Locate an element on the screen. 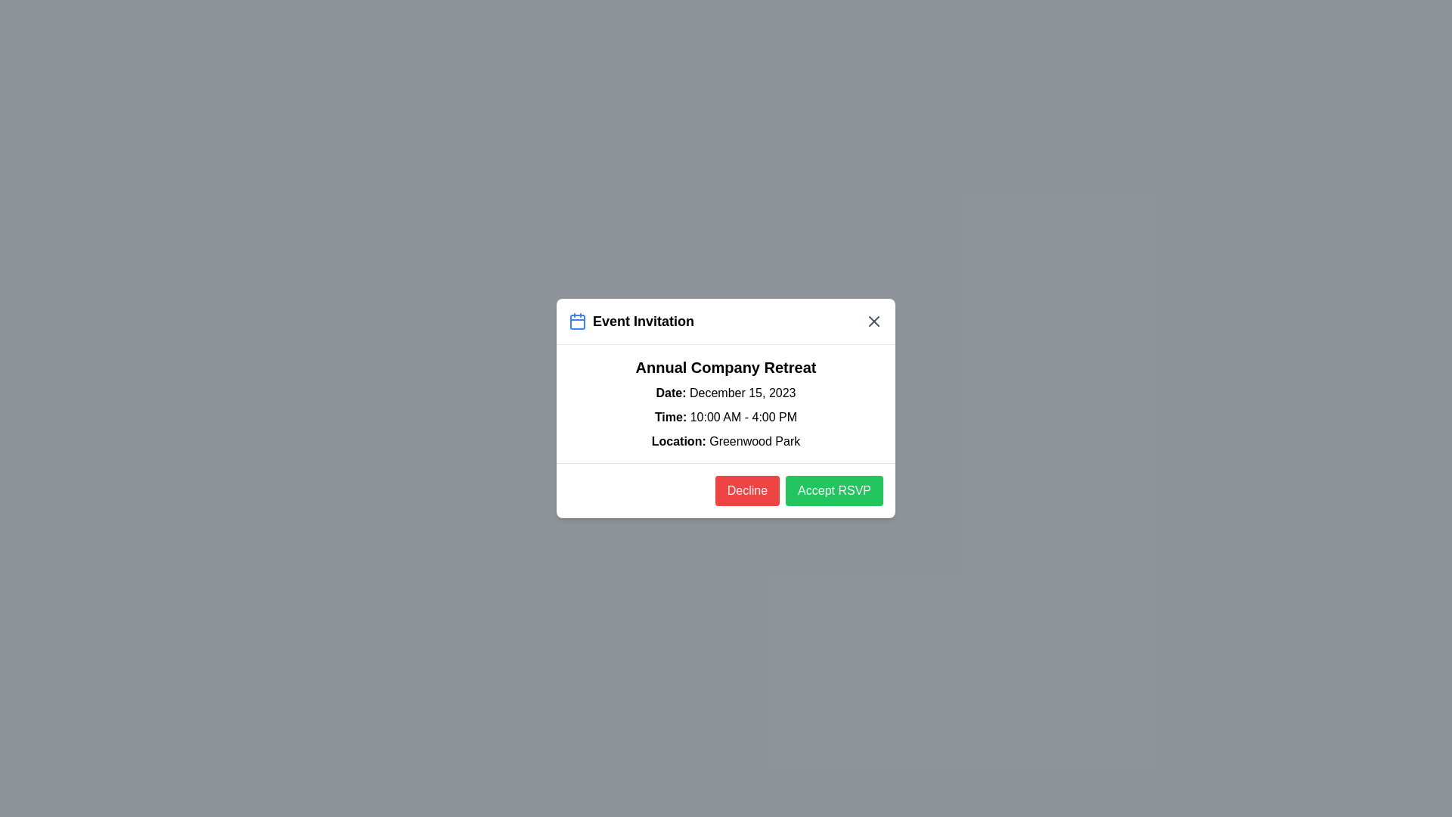 The height and width of the screenshot is (817, 1452). the 'Event Invitation' text label, which is bold and larger in font size, located adjacent to a blue calendar icon in the upper-left part of the dialog box is located at coordinates (643, 320).